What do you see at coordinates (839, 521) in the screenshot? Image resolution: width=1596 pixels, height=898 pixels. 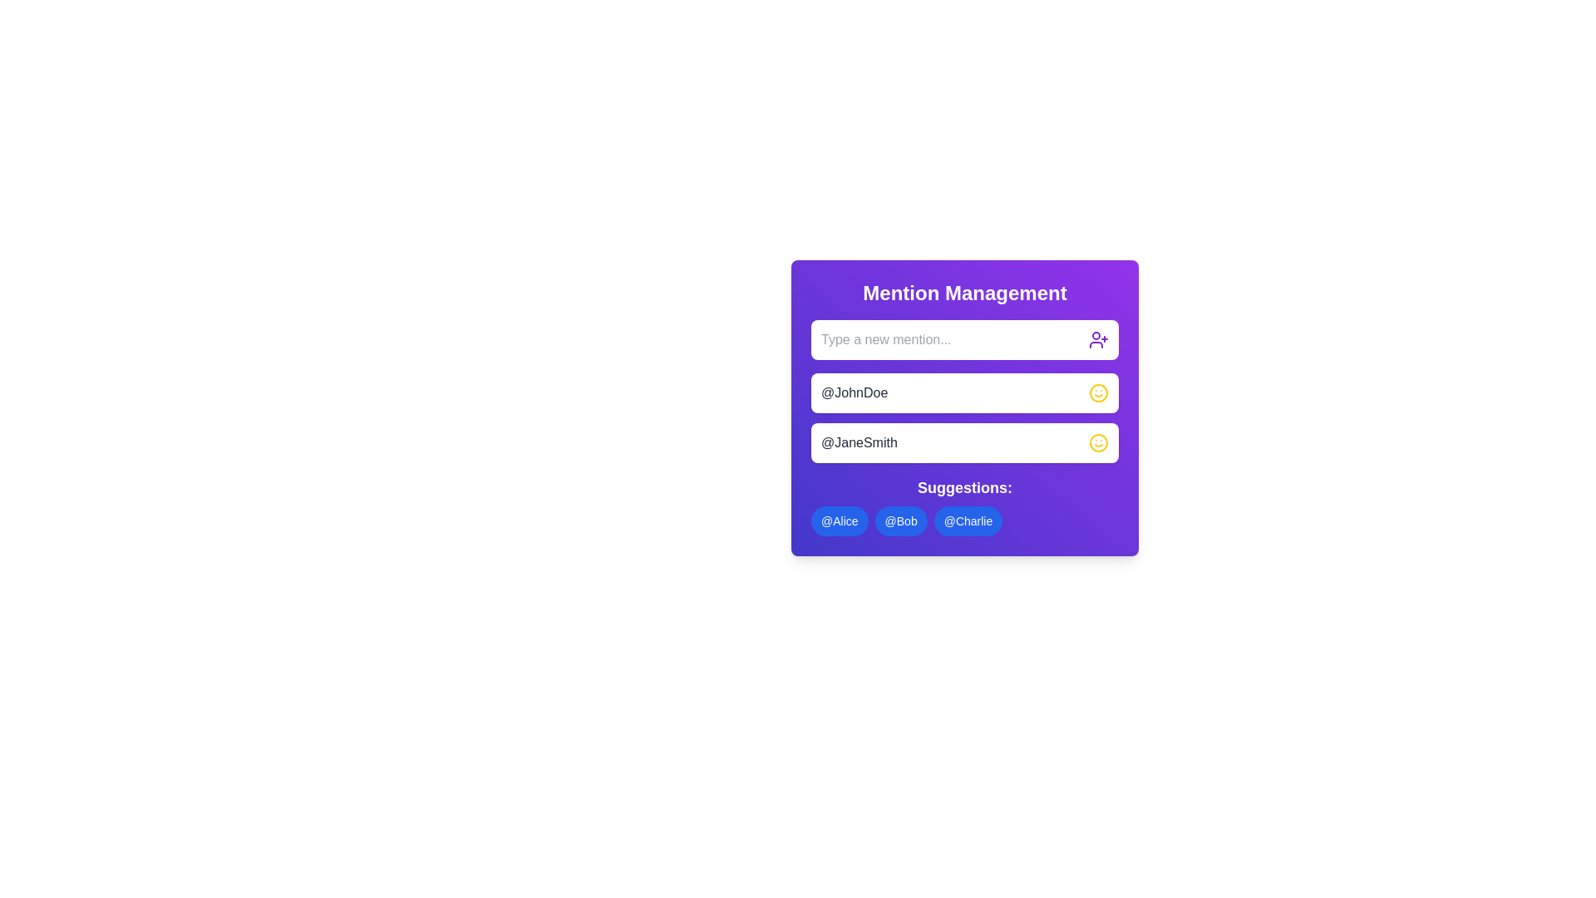 I see `the first button under the 'Suggestions' section in the 'Mention Management' panel` at bounding box center [839, 521].